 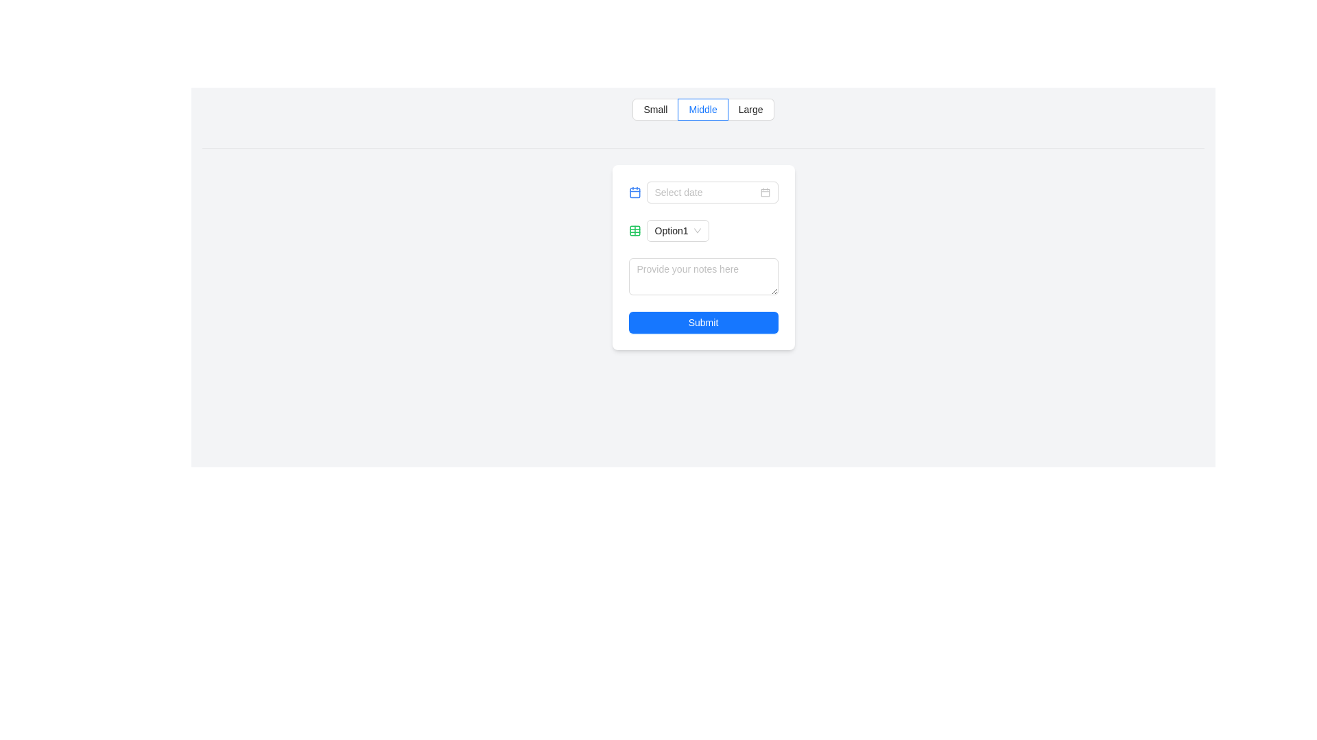 I want to click on the primary action button at the bottom of the form, so click(x=703, y=322).